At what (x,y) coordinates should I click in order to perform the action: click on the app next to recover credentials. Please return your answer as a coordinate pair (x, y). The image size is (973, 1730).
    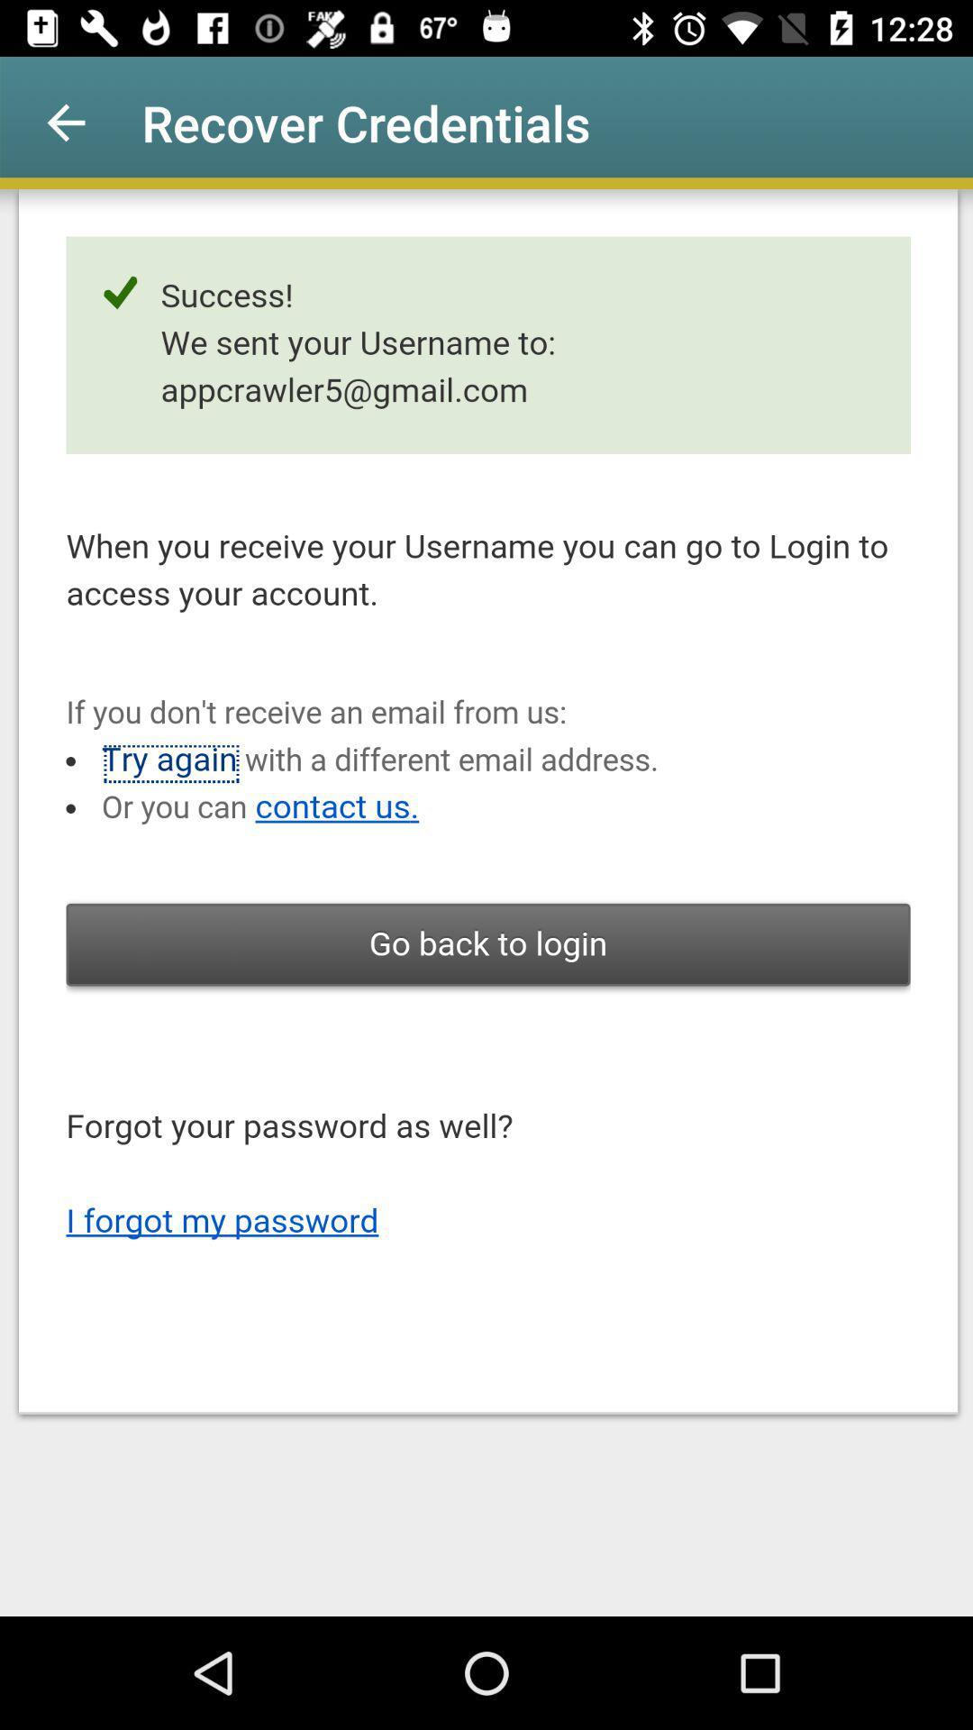
    Looking at the image, I should click on (65, 122).